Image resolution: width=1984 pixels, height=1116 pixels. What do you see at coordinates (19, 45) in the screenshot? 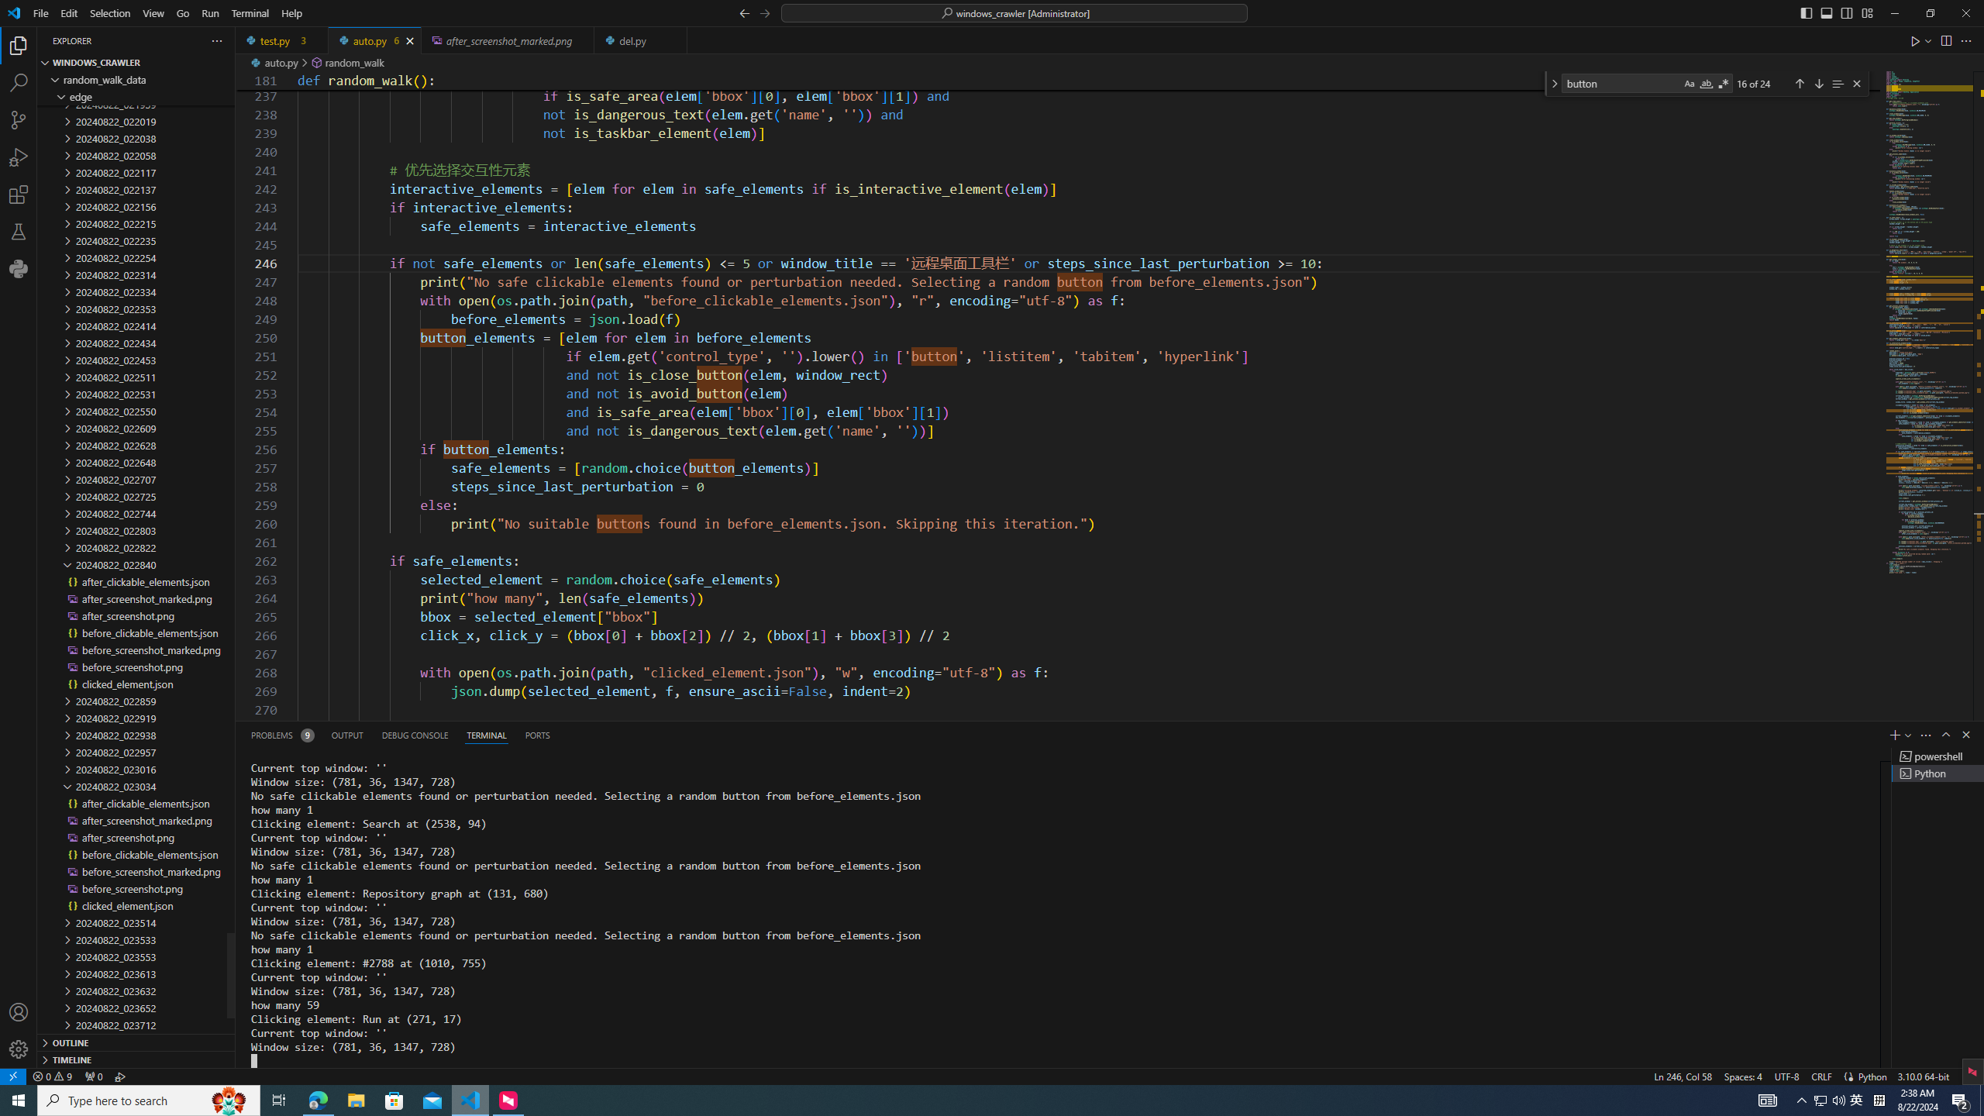
I see `'Explorer (Ctrl+Shift+E)'` at bounding box center [19, 45].